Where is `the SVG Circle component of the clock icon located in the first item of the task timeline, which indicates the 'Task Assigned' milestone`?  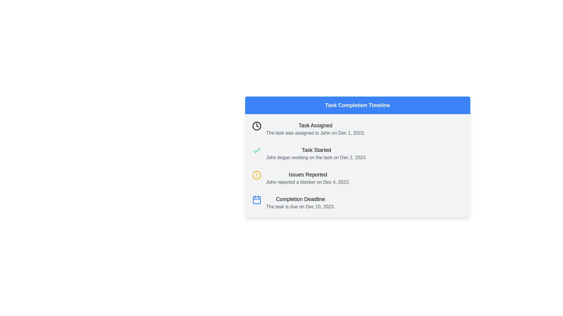 the SVG Circle component of the clock icon located in the first item of the task timeline, which indicates the 'Task Assigned' milestone is located at coordinates (257, 126).